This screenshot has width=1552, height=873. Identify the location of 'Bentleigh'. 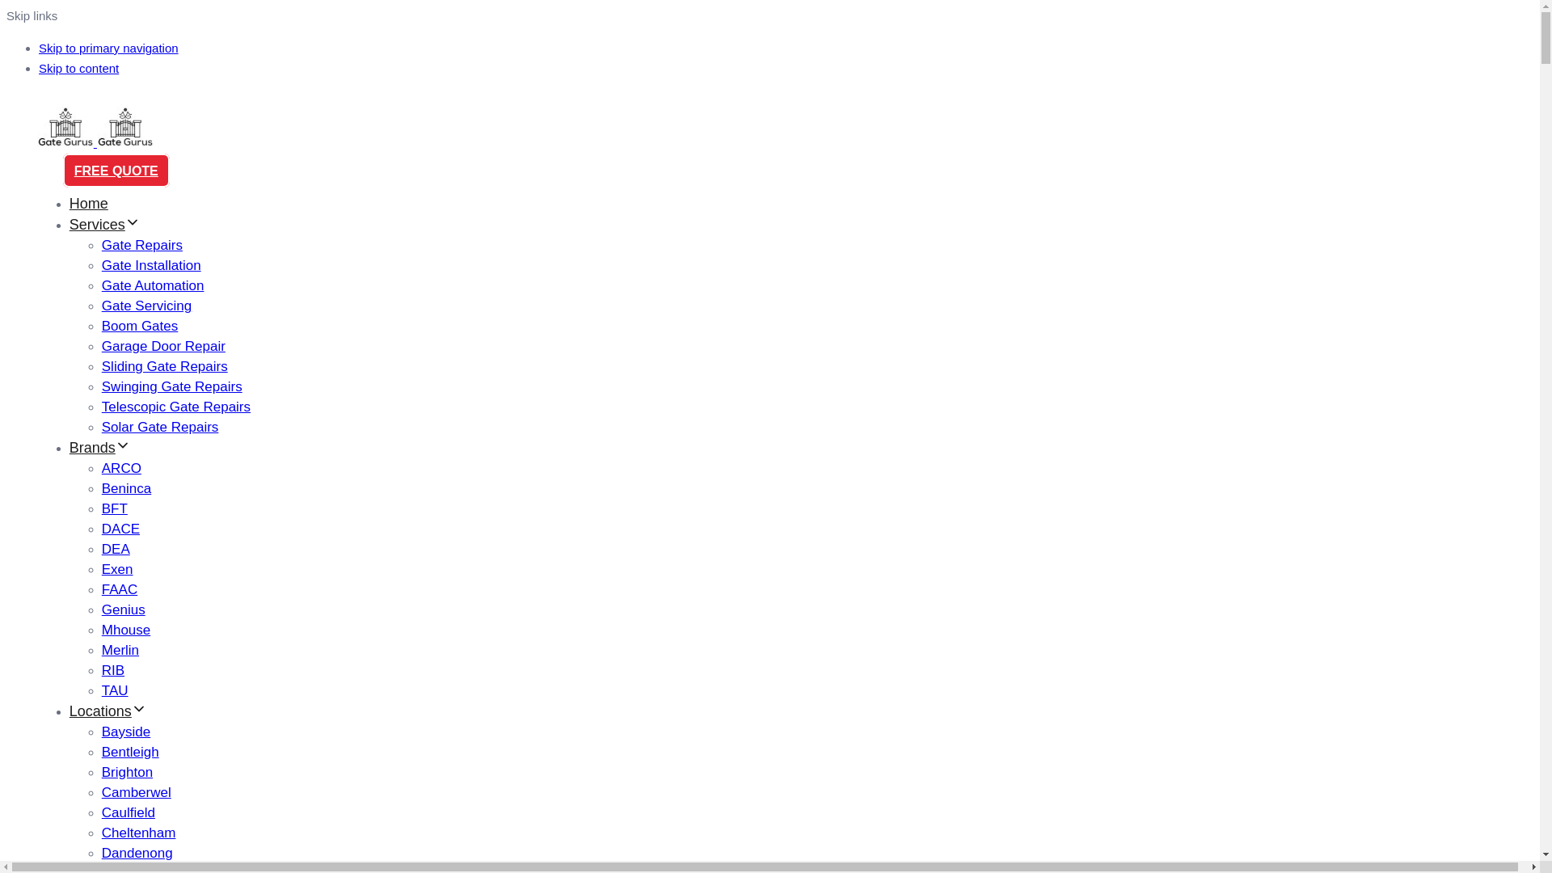
(100, 752).